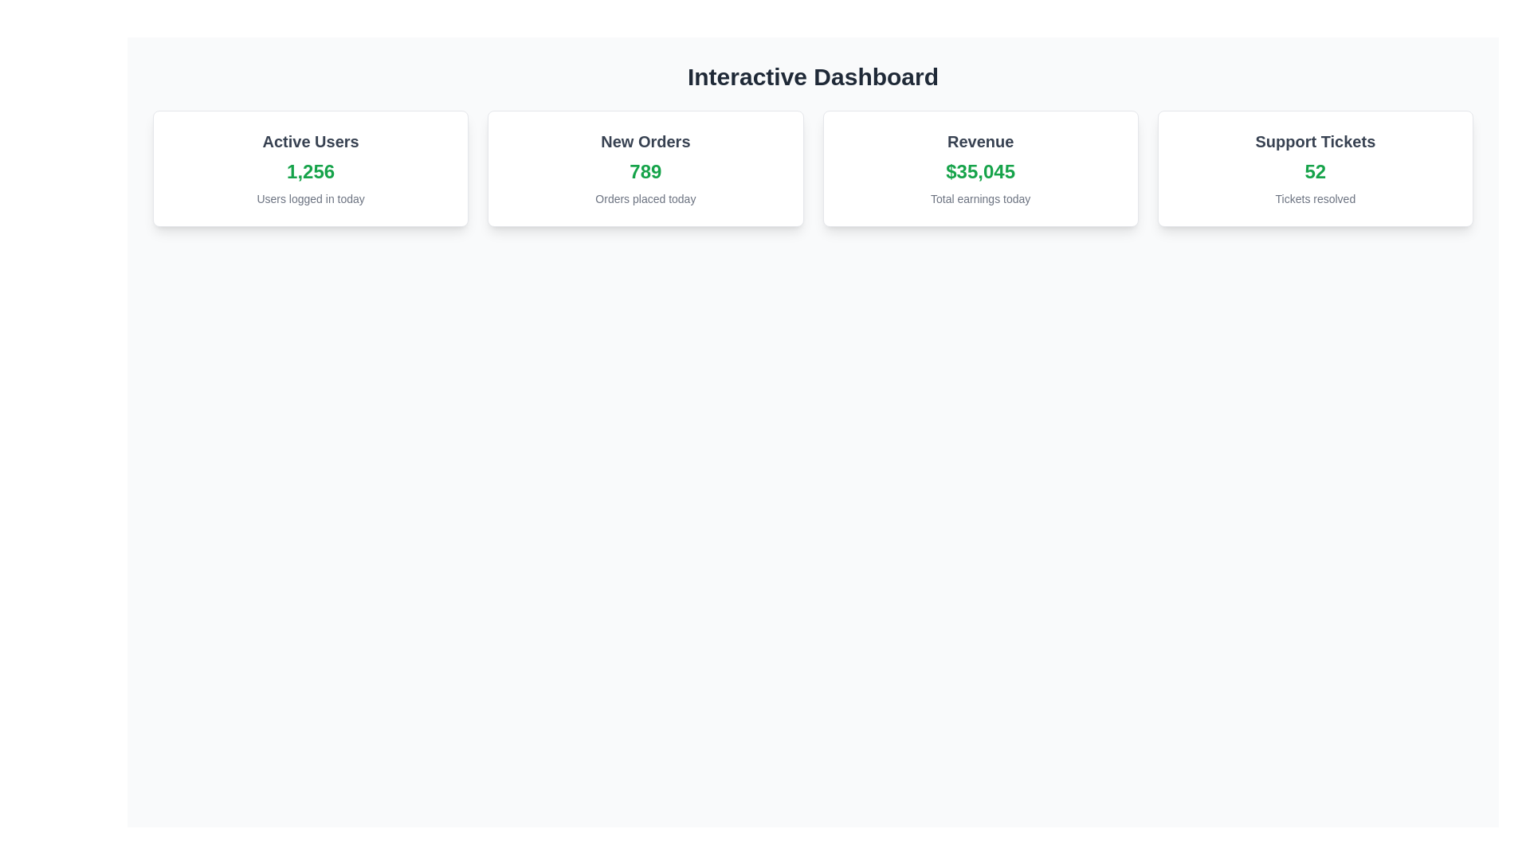  Describe the element at coordinates (1315, 198) in the screenshot. I see `the static text label 'Tickets resolved' located in the bottom section of the 'Support Tickets' card, which provides additional context for the statistic above it` at that location.